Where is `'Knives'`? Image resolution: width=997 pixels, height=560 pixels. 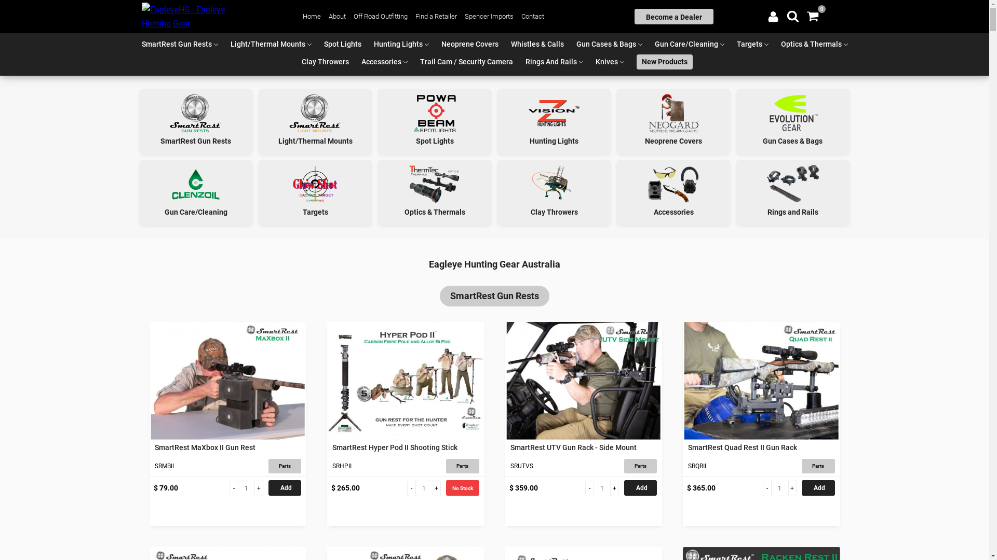 'Knives' is located at coordinates (607, 62).